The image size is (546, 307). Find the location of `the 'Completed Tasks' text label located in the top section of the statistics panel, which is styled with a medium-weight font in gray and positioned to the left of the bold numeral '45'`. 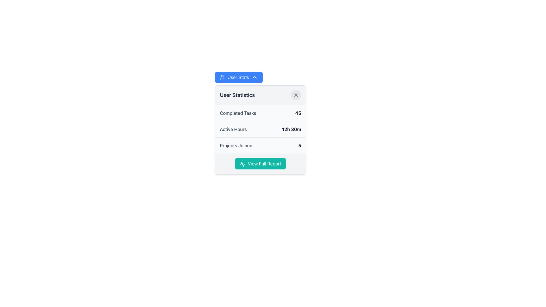

the 'Completed Tasks' text label located in the top section of the statistics panel, which is styled with a medium-weight font in gray and positioned to the left of the bold numeral '45' is located at coordinates (238, 113).